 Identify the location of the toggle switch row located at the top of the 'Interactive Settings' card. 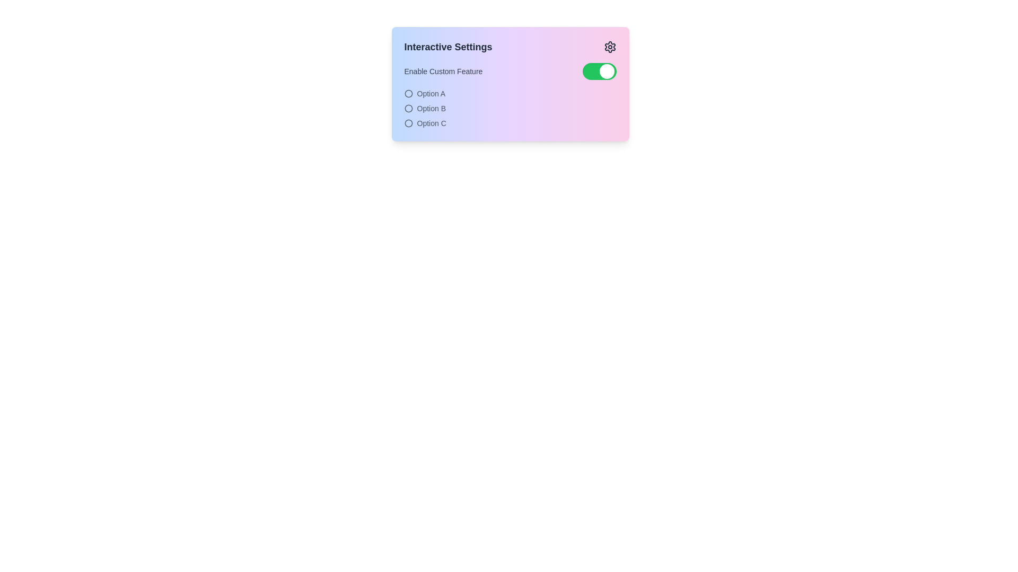
(510, 71).